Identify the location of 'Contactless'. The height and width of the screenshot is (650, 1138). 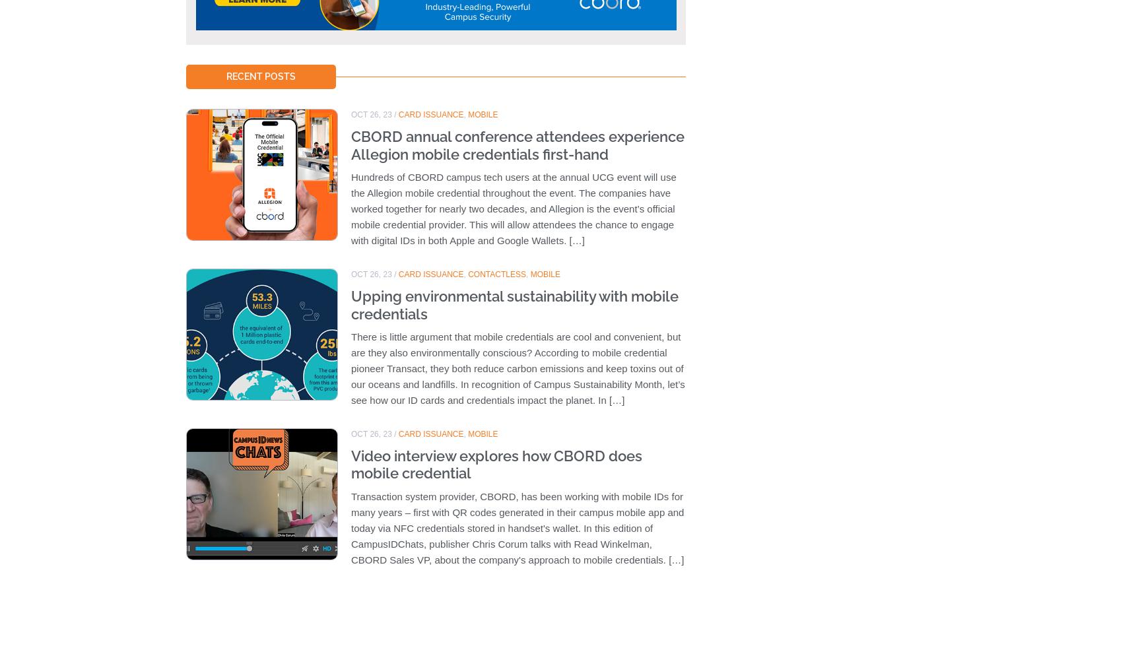
(496, 273).